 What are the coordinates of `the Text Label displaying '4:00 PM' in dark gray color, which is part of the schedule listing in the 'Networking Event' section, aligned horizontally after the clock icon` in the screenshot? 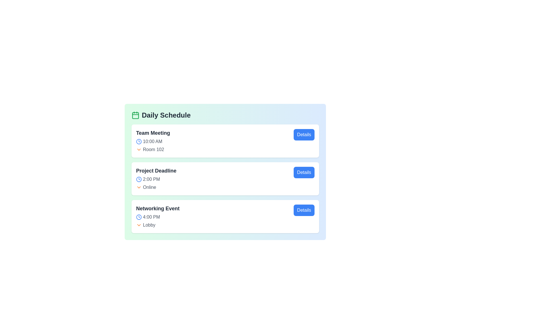 It's located at (151, 217).